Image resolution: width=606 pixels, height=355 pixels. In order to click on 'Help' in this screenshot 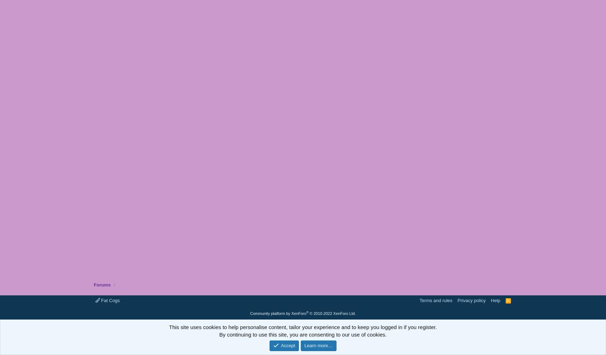, I will do `click(495, 300)`.